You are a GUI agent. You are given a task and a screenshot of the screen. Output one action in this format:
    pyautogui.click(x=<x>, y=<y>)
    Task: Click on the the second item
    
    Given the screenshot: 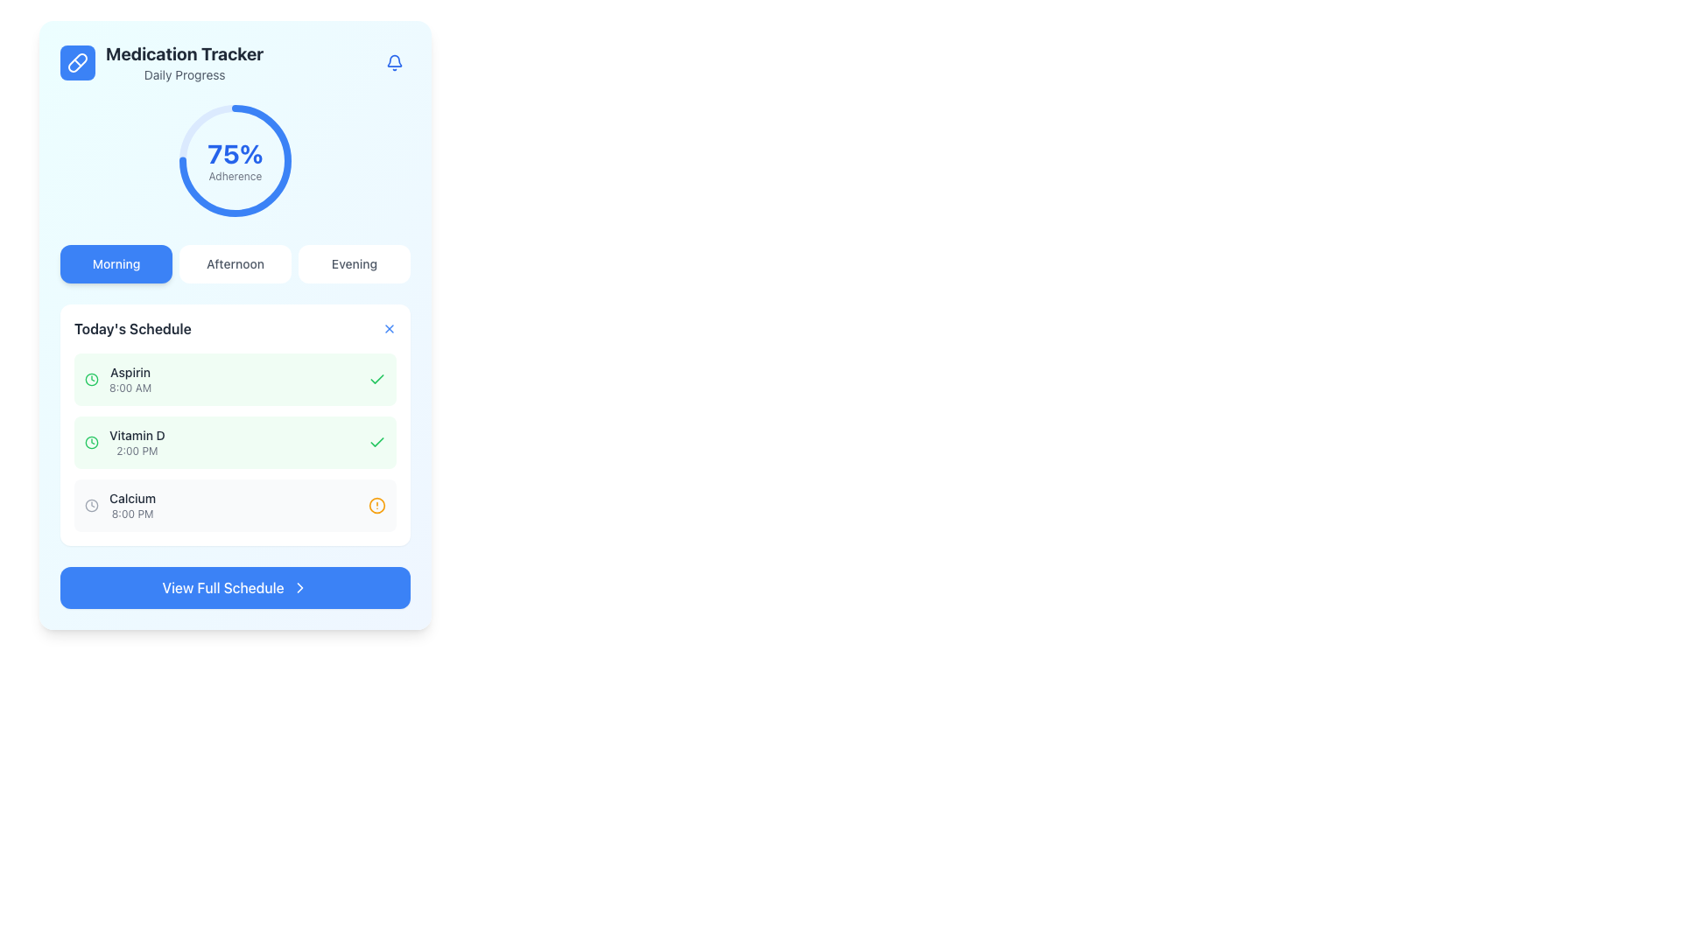 What is the action you would take?
    pyautogui.click(x=234, y=441)
    